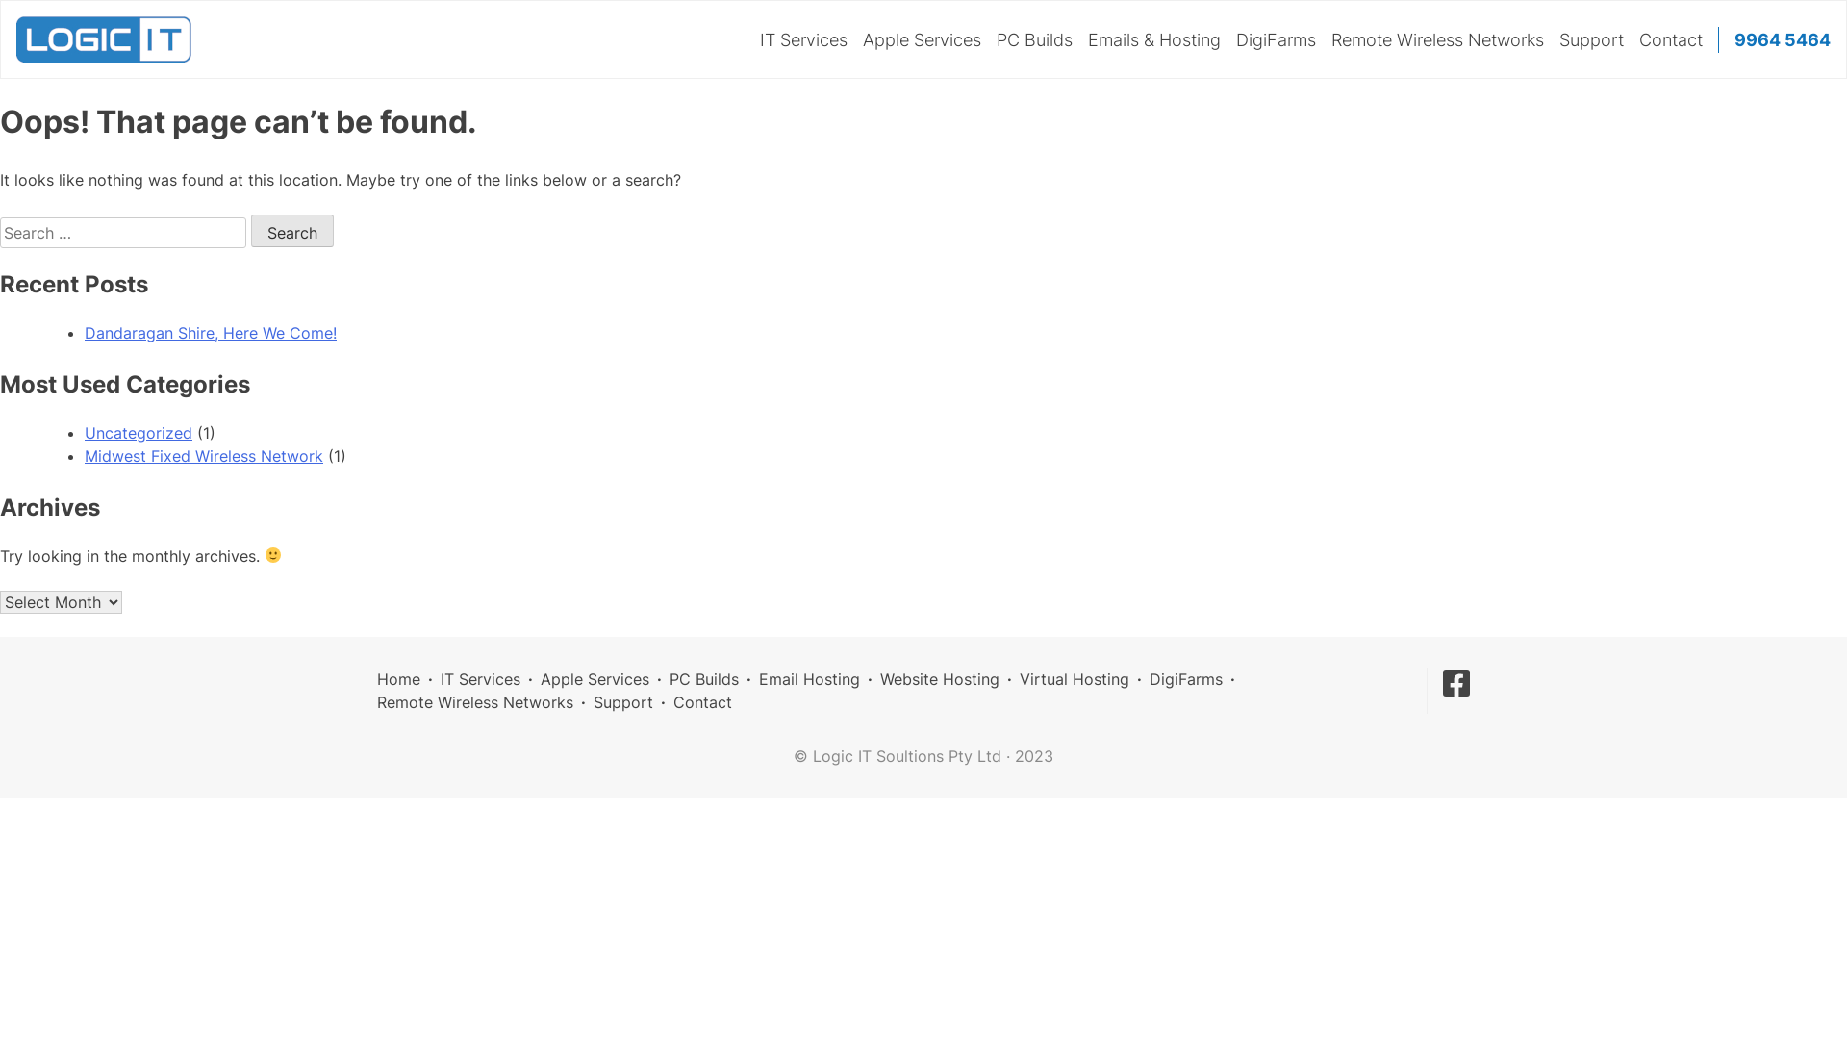 The image size is (1847, 1039). What do you see at coordinates (623, 701) in the screenshot?
I see `'Support'` at bounding box center [623, 701].